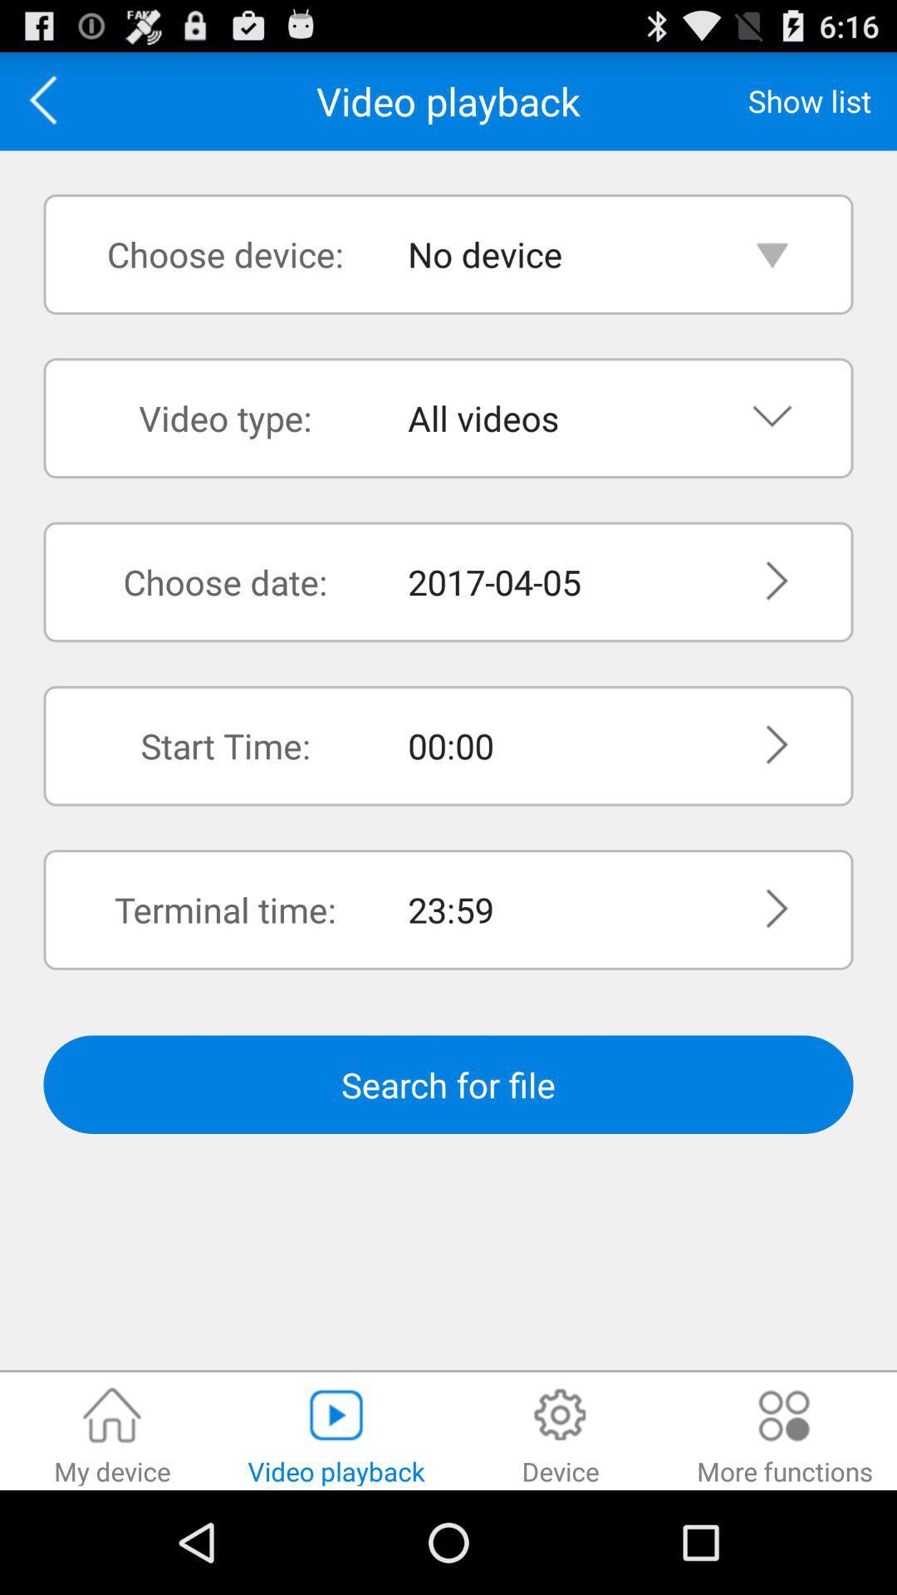  What do you see at coordinates (48, 107) in the screenshot?
I see `the arrow_backward icon` at bounding box center [48, 107].